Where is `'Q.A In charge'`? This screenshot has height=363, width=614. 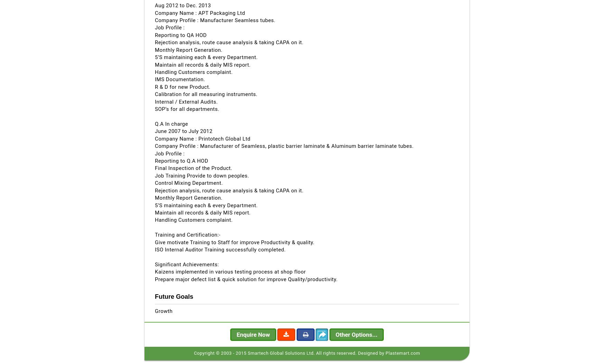
'Q.A In charge' is located at coordinates (171, 123).